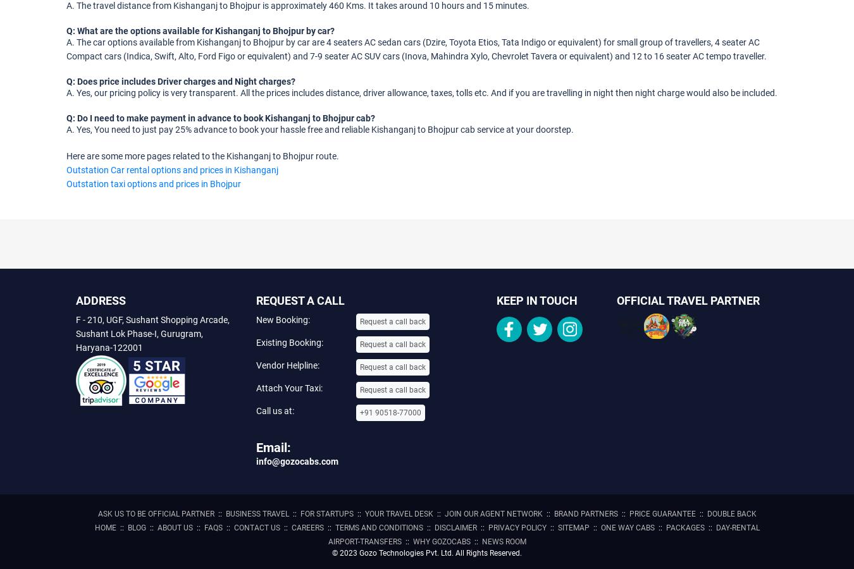  Describe the element at coordinates (378, 527) in the screenshot. I see `'Terms and Conditions'` at that location.